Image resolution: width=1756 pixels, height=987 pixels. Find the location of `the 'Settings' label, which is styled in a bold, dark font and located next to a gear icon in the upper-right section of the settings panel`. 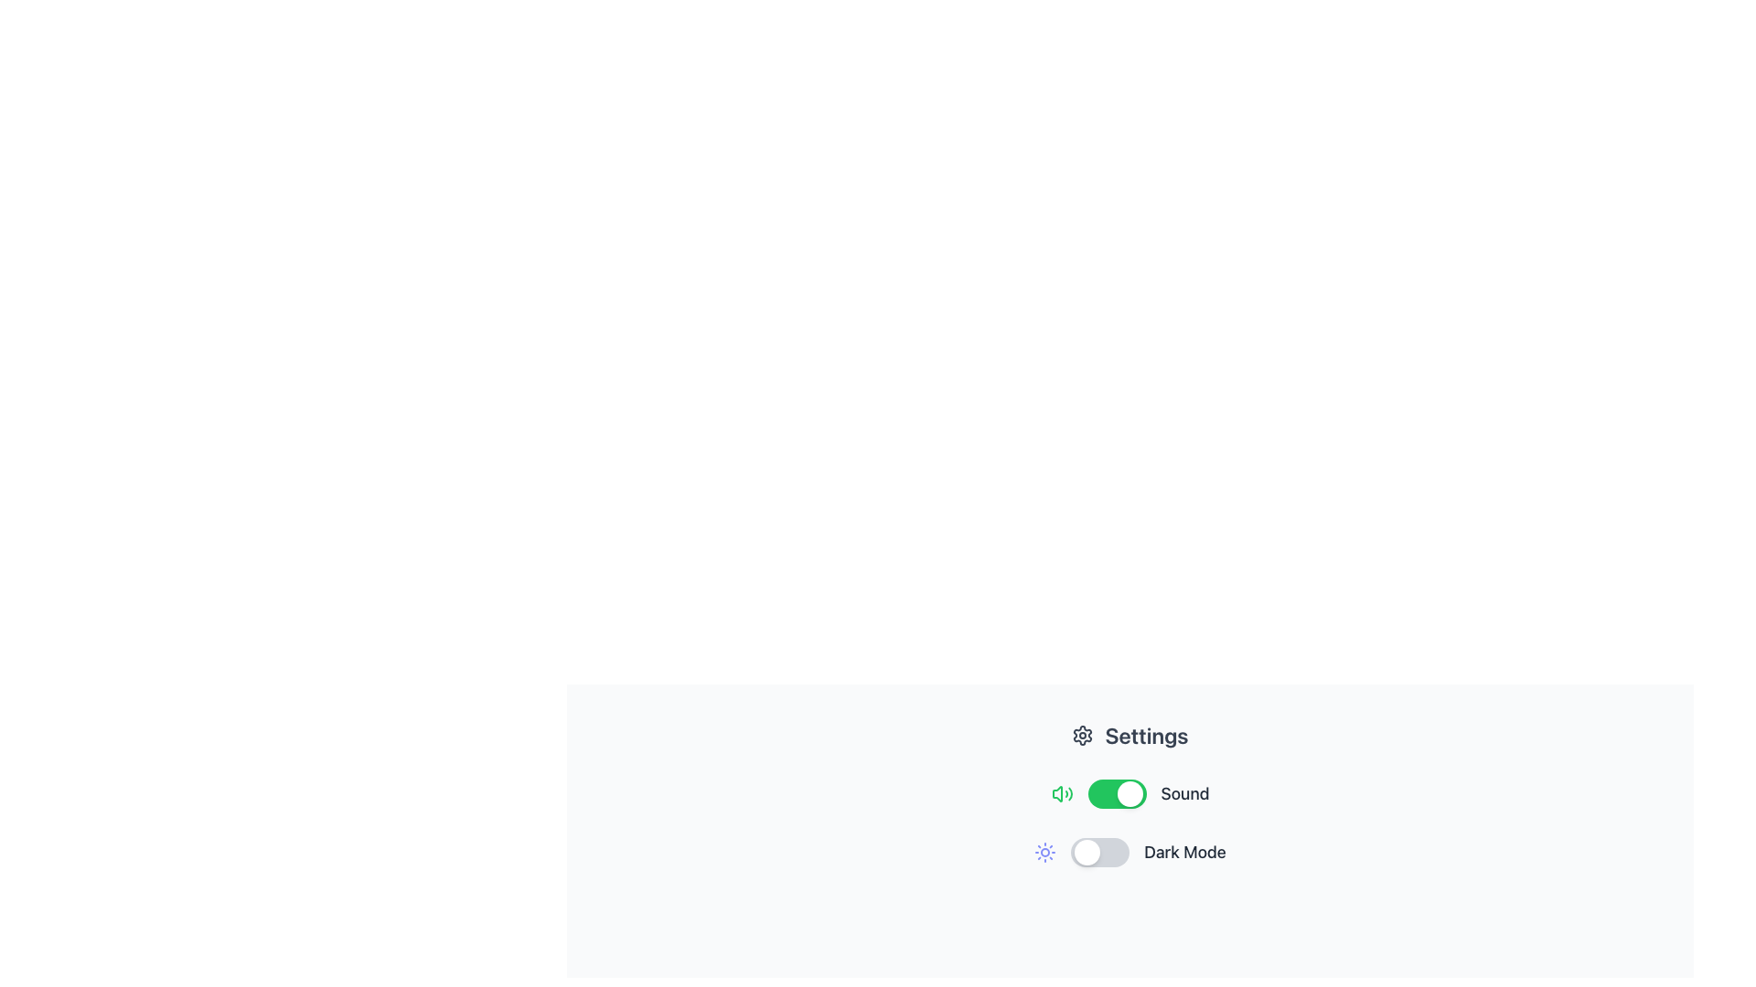

the 'Settings' label, which is styled in a bold, dark font and located next to a gear icon in the upper-right section of the settings panel is located at coordinates (1145, 735).